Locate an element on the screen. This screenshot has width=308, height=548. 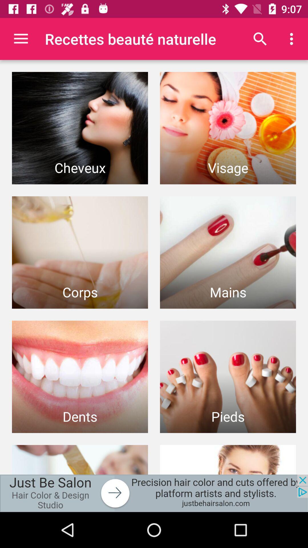
advertisement portion is located at coordinates (154, 493).